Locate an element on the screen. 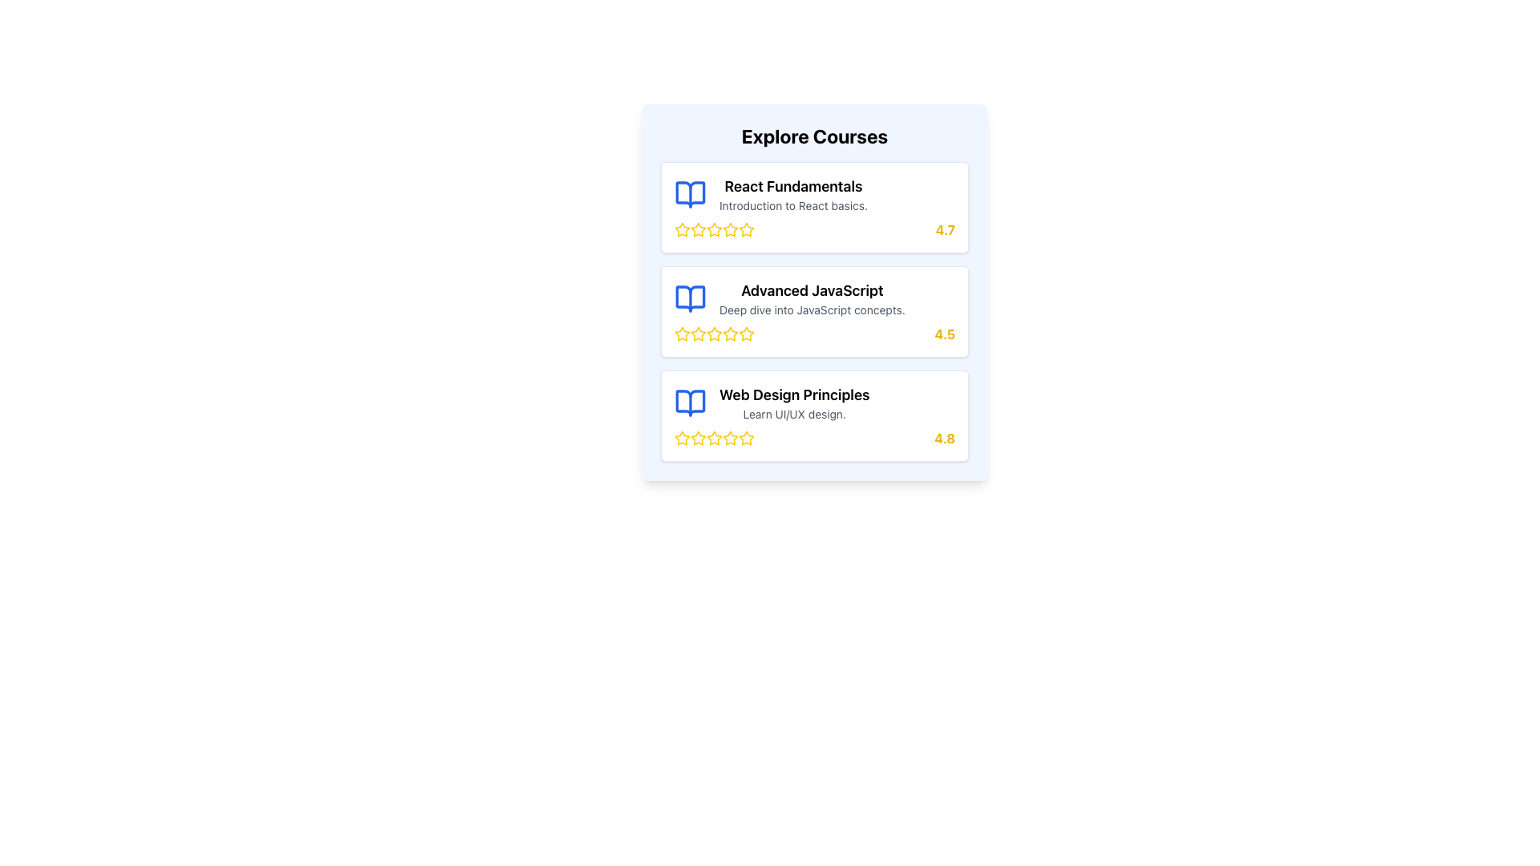  the text label that reads 'Learn UI/UX design.' located beneath the title 'Web Design Principles' in the last course card is located at coordinates (794, 413).